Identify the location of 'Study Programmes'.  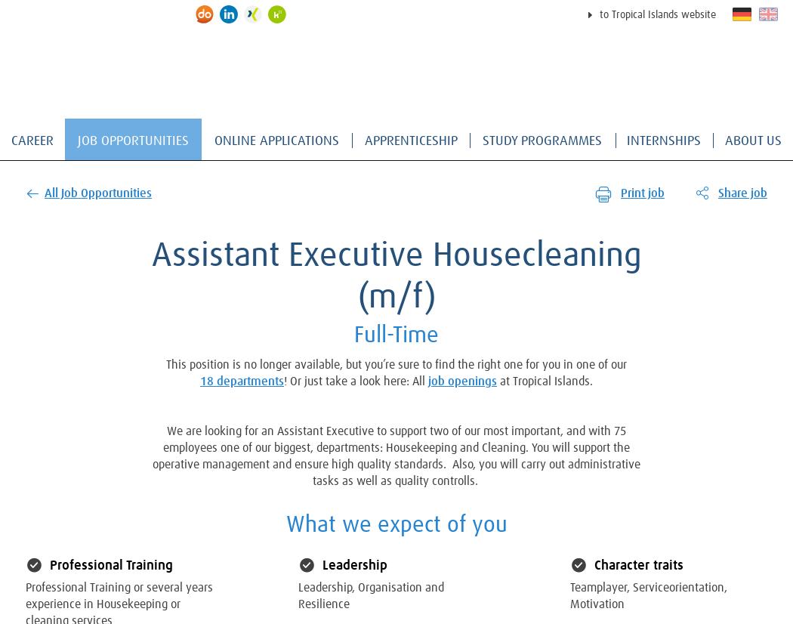
(482, 141).